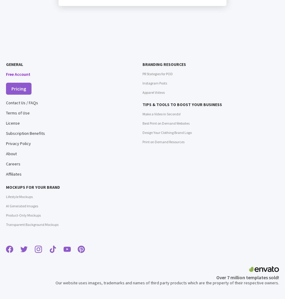  What do you see at coordinates (182, 105) in the screenshot?
I see `'Tips & Tools to boost your business'` at bounding box center [182, 105].